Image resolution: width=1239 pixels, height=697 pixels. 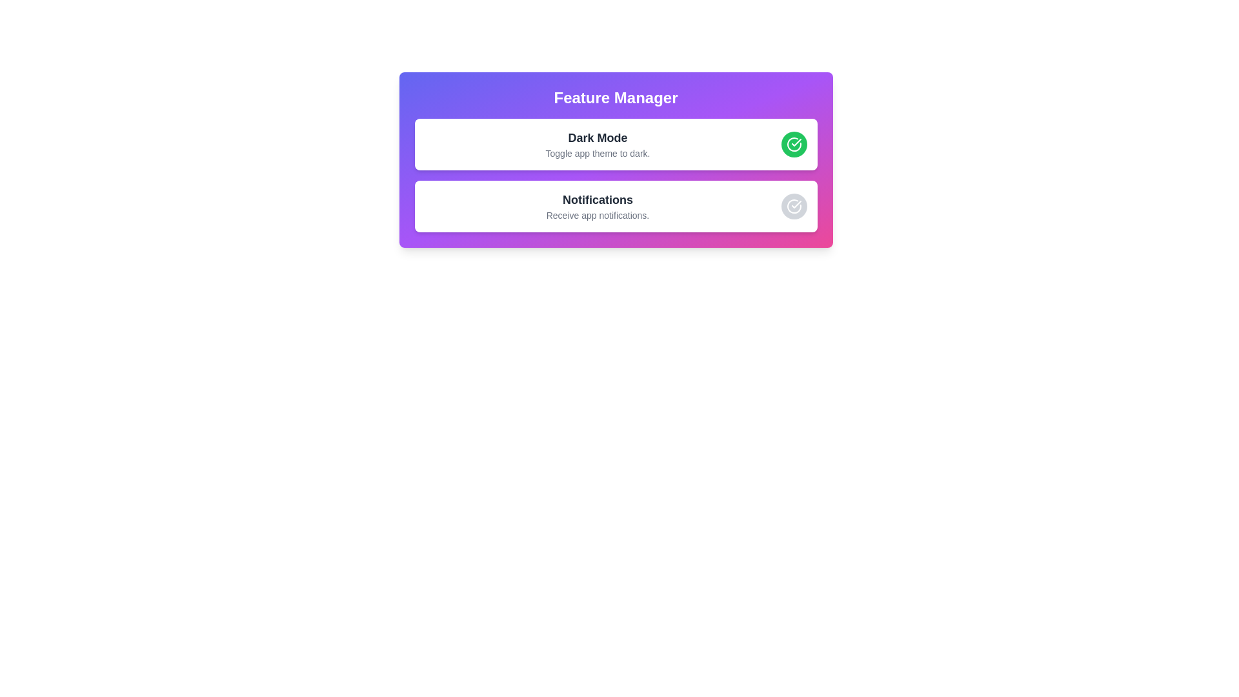 I want to click on the circular two-tone graphical icon indicating confirmation or status, located at the far-right of the 'Dark Mode' feature row, so click(x=793, y=144).